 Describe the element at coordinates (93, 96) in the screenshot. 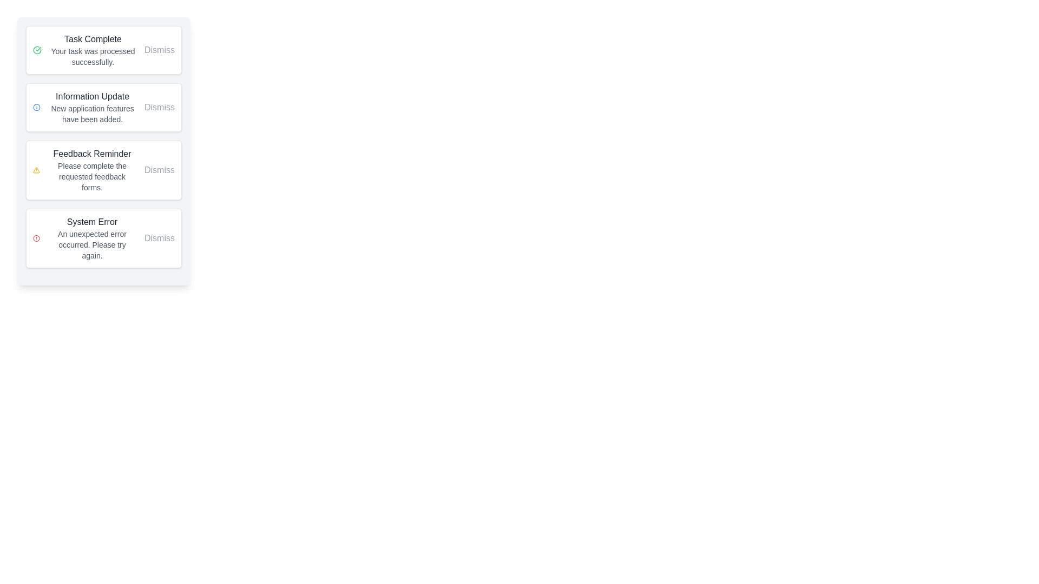

I see `'Information Update' text label, which is styled with a medium font weight and gray color, located above the 'New application features have been added.' text in the notification list` at that location.